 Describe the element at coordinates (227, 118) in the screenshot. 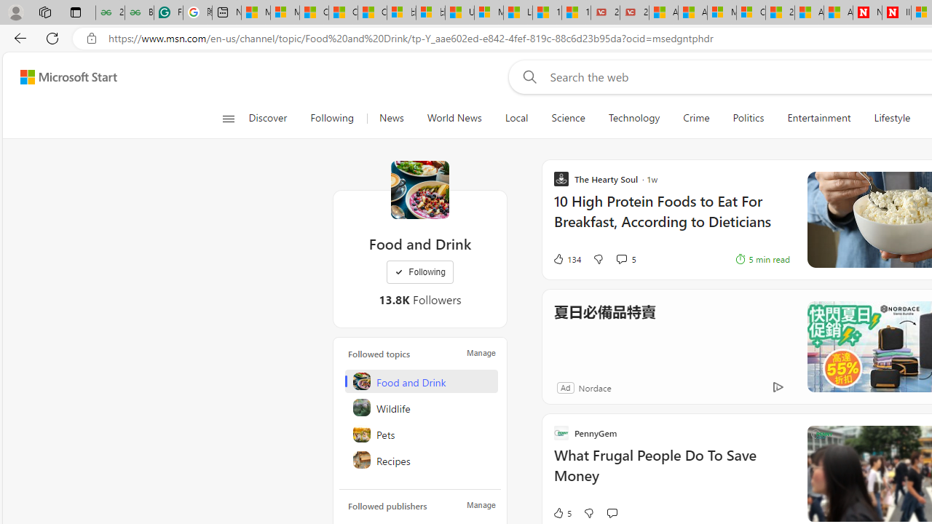

I see `'Open navigation menu'` at that location.